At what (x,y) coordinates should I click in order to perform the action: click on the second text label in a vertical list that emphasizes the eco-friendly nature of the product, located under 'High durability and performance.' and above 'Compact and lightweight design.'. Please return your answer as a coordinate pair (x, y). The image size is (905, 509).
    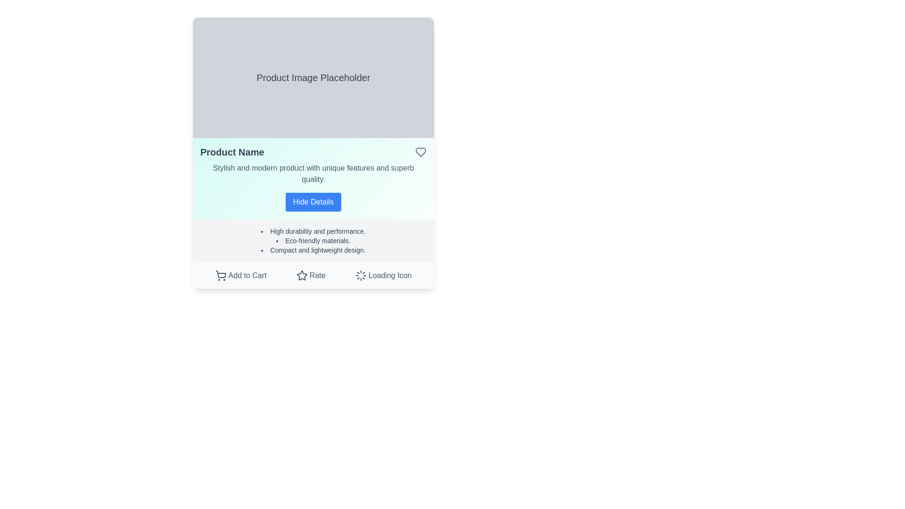
    Looking at the image, I should click on (313, 240).